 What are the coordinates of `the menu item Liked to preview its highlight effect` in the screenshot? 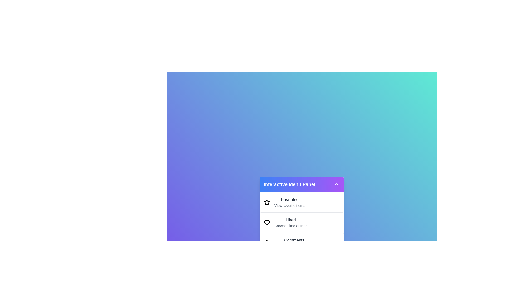 It's located at (302, 222).